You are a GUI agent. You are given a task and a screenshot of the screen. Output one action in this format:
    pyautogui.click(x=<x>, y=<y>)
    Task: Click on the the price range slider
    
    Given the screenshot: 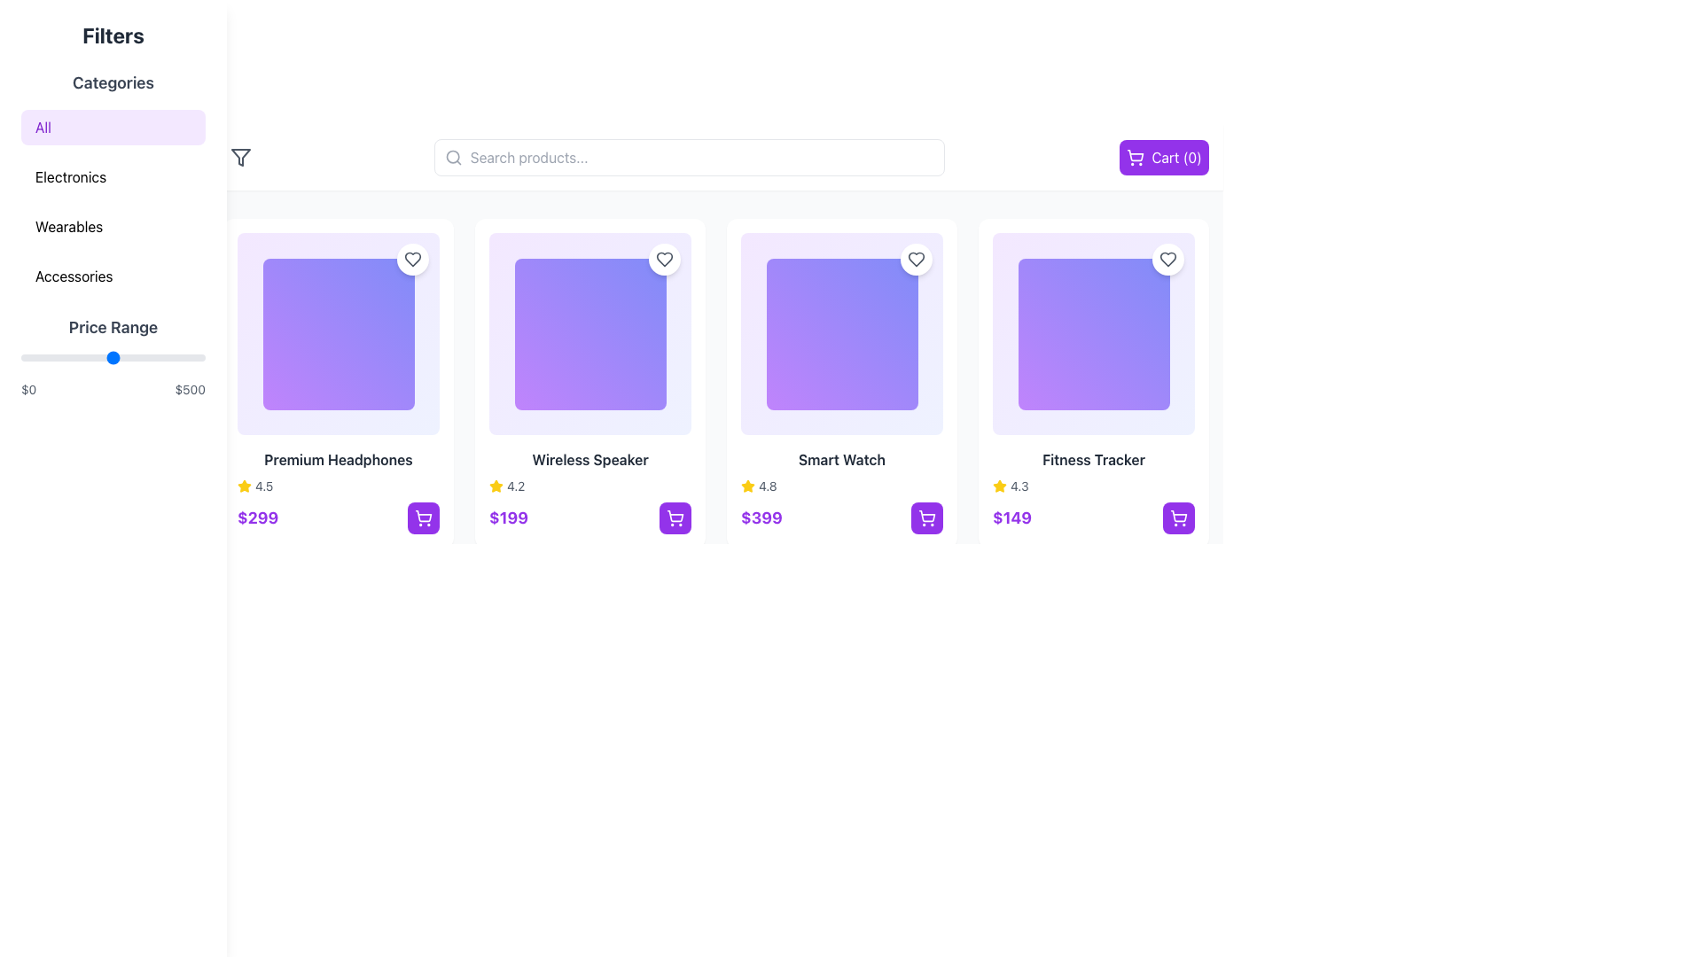 What is the action you would take?
    pyautogui.click(x=198, y=358)
    